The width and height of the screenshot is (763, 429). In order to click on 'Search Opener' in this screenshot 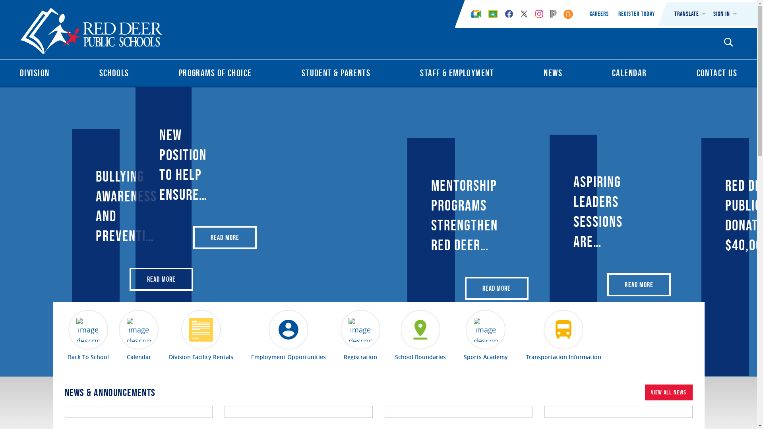, I will do `click(724, 42)`.